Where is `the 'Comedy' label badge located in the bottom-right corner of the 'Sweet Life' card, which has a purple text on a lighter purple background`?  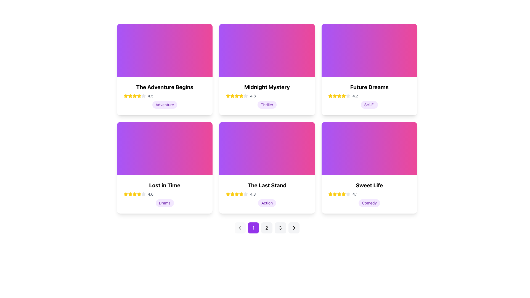 the 'Comedy' label badge located in the bottom-right corner of the 'Sweet Life' card, which has a purple text on a lighter purple background is located at coordinates (369, 203).